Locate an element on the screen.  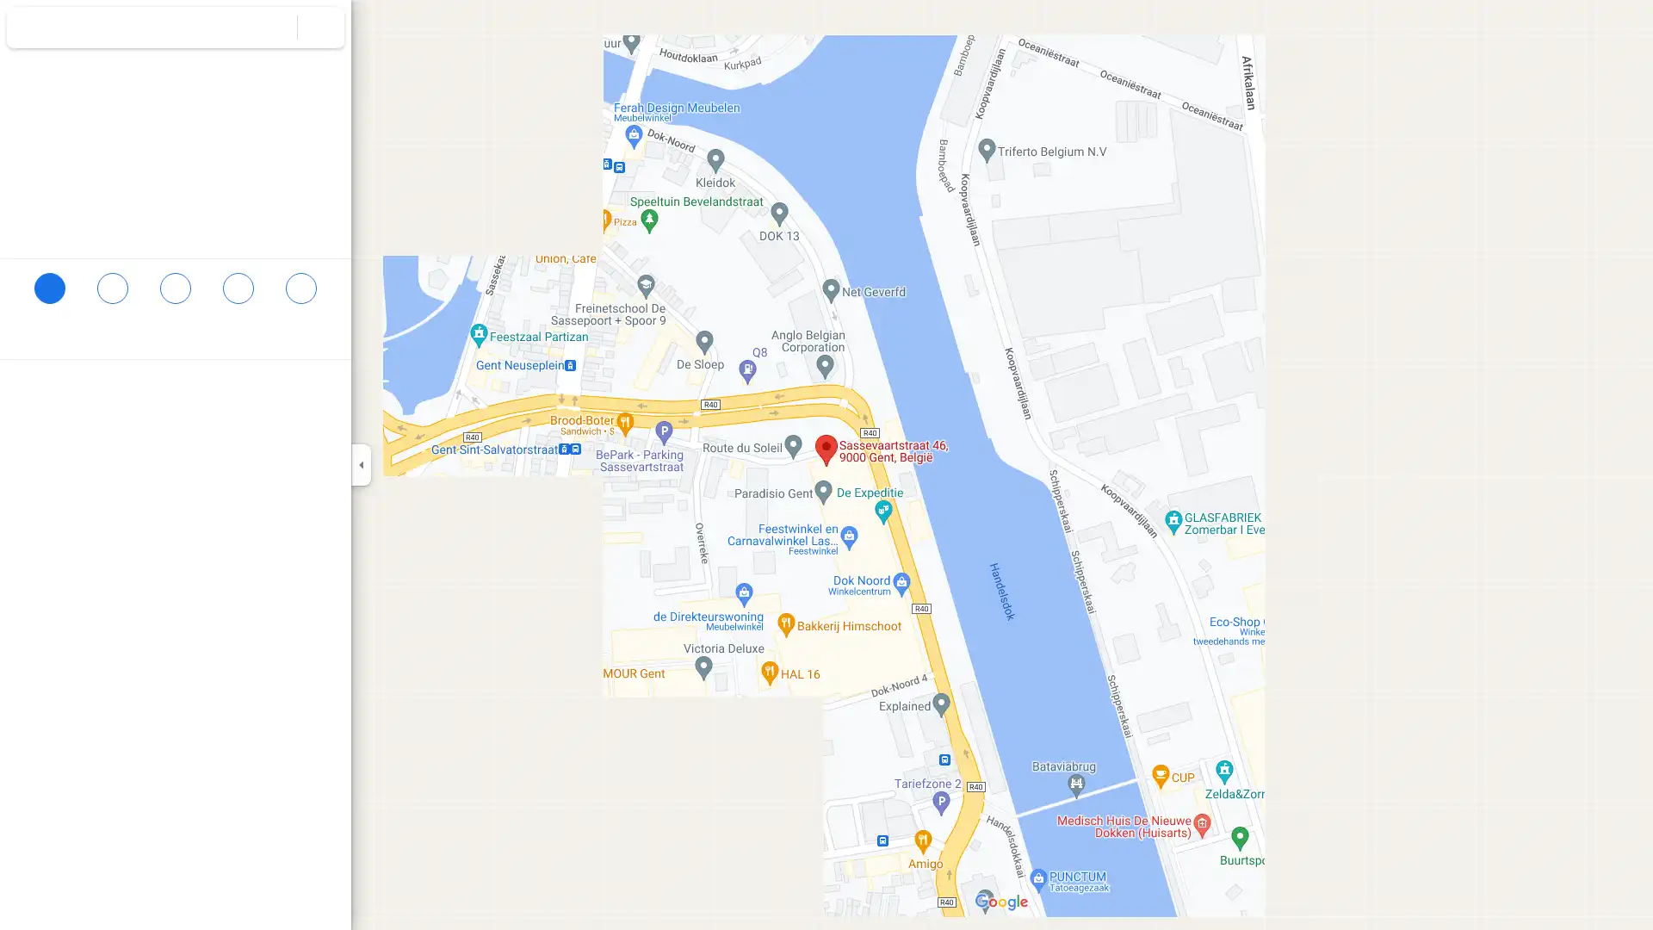
Zijvenster samenvouwen is located at coordinates (360, 465).